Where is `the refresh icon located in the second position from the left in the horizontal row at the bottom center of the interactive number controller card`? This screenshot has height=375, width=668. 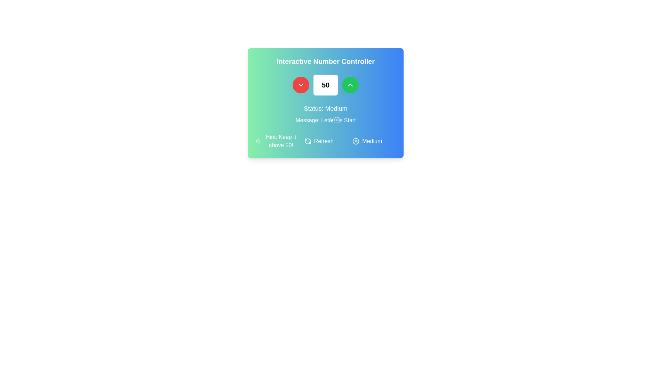
the refresh icon located in the second position from the left in the horizontal row at the bottom center of the interactive number controller card is located at coordinates (307, 141).